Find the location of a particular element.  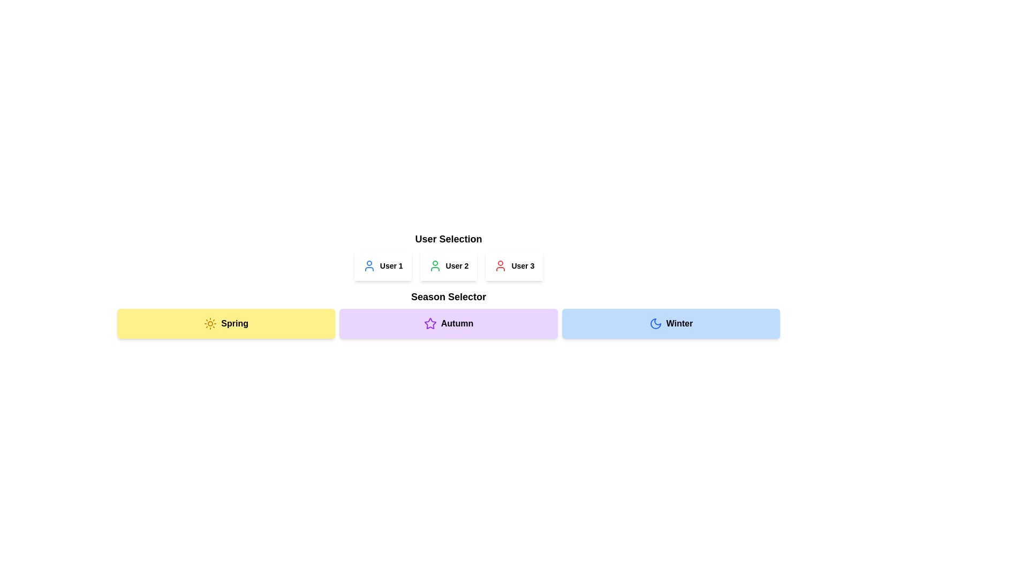

the yellow 'Spring' season button located as the first item in a horizontal sequence of three buttons to change its appearance is located at coordinates (225, 323).